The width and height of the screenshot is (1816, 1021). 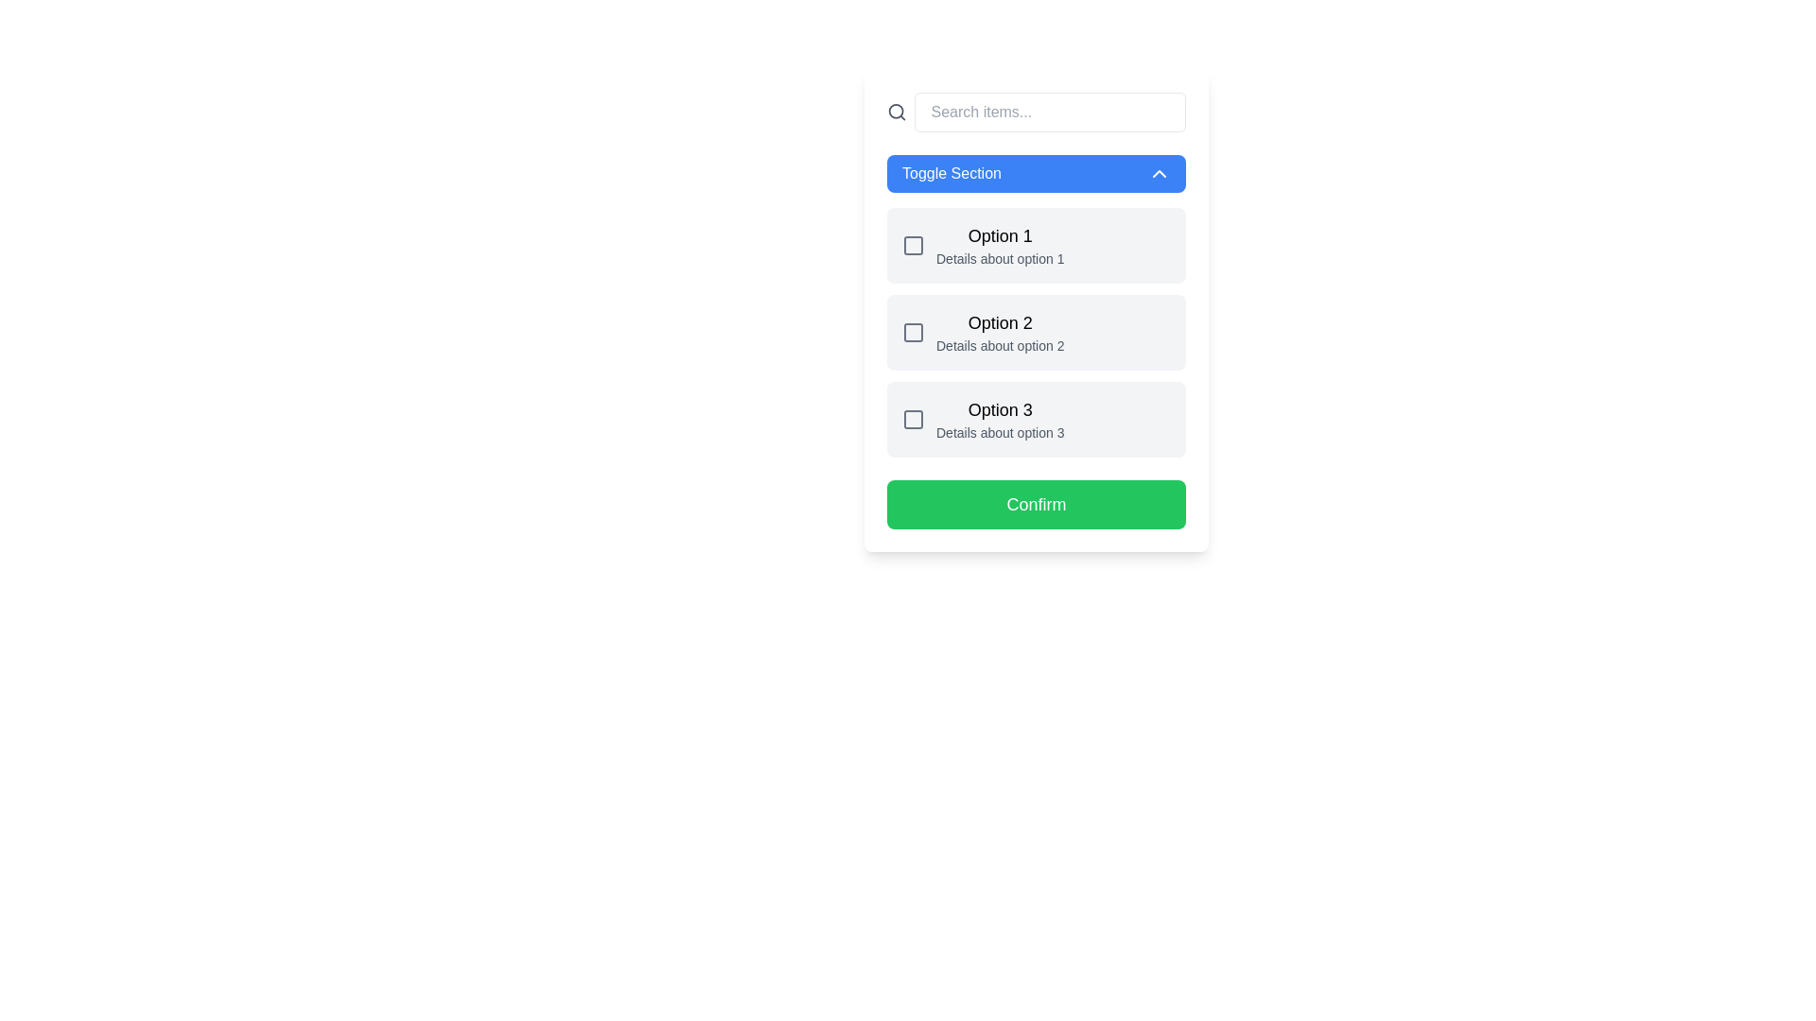 I want to click on the checkbox for 'Option 1', so click(x=1035, y=244).